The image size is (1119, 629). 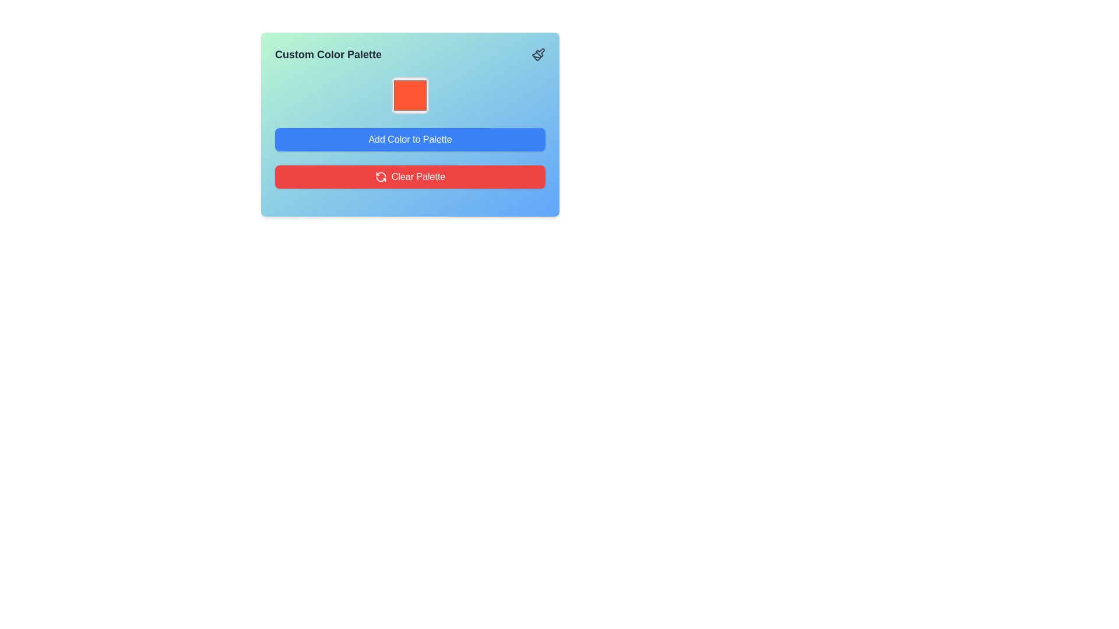 I want to click on the button that adds the currently selected color to a custom palette, located between a color preview box and a 'Clear Palette' button, so click(x=410, y=139).